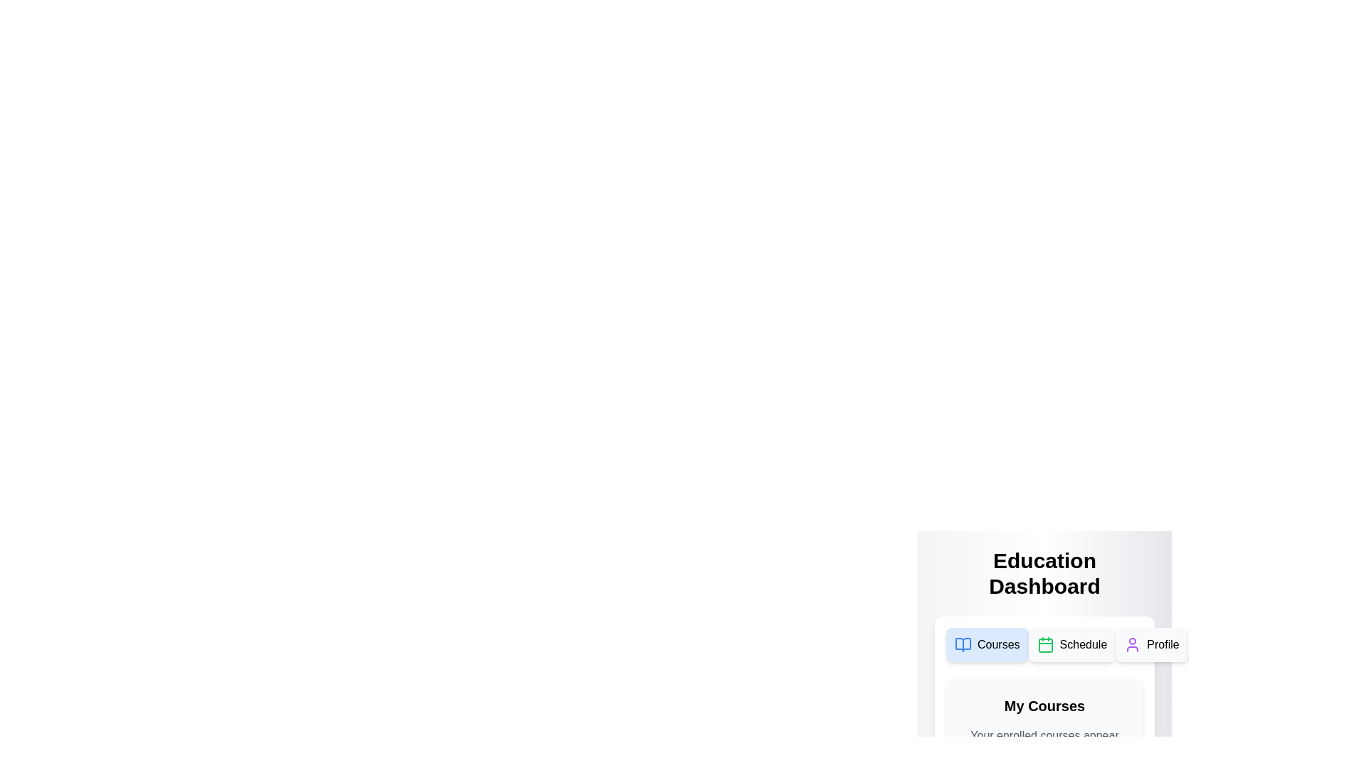 The image size is (1366, 768). What do you see at coordinates (1044, 644) in the screenshot?
I see `an item in the horizontal navigation bar located at the top of the Education Dashboard` at bounding box center [1044, 644].